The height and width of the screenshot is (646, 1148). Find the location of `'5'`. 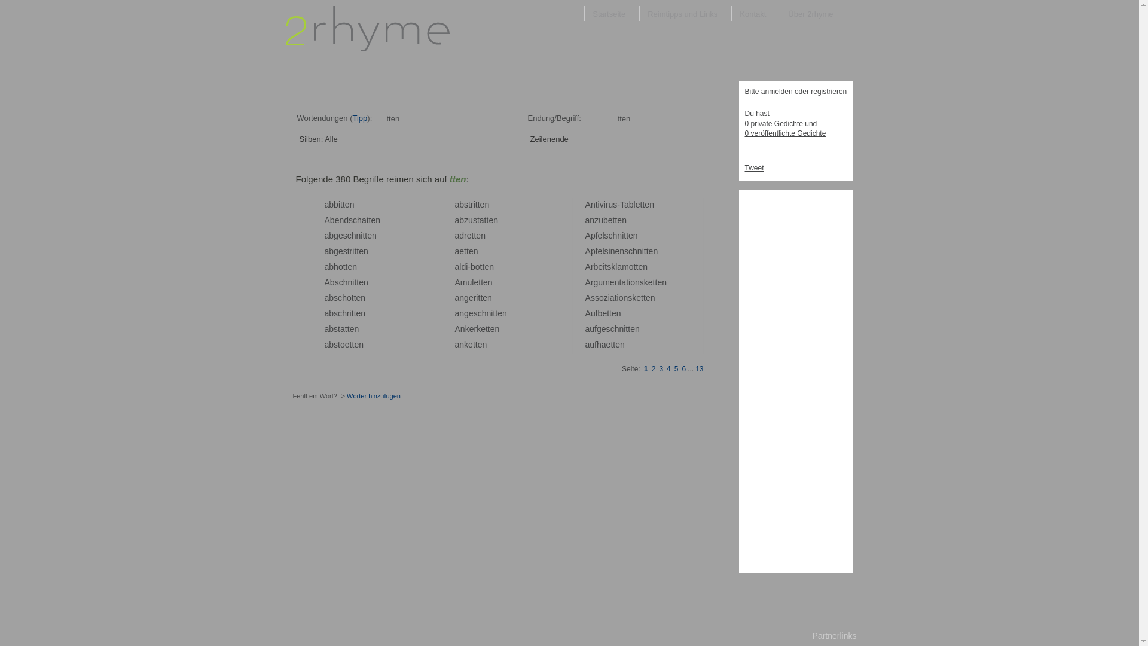

'5' is located at coordinates (672, 368).